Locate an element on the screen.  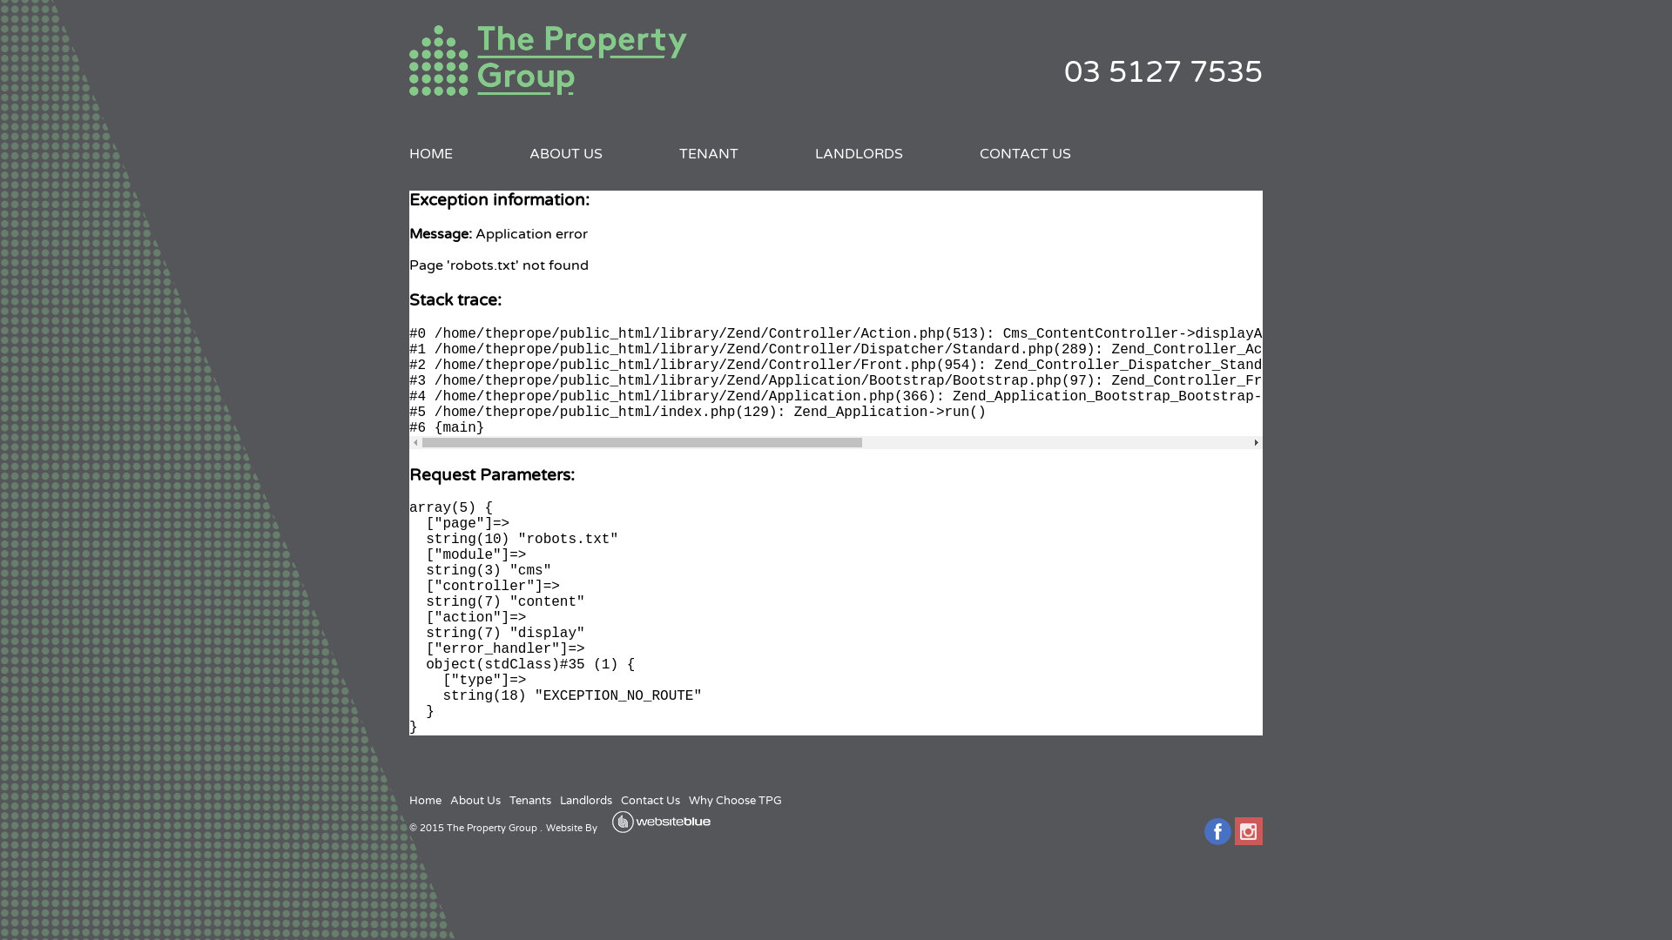
'Landlords' is located at coordinates (585, 801).